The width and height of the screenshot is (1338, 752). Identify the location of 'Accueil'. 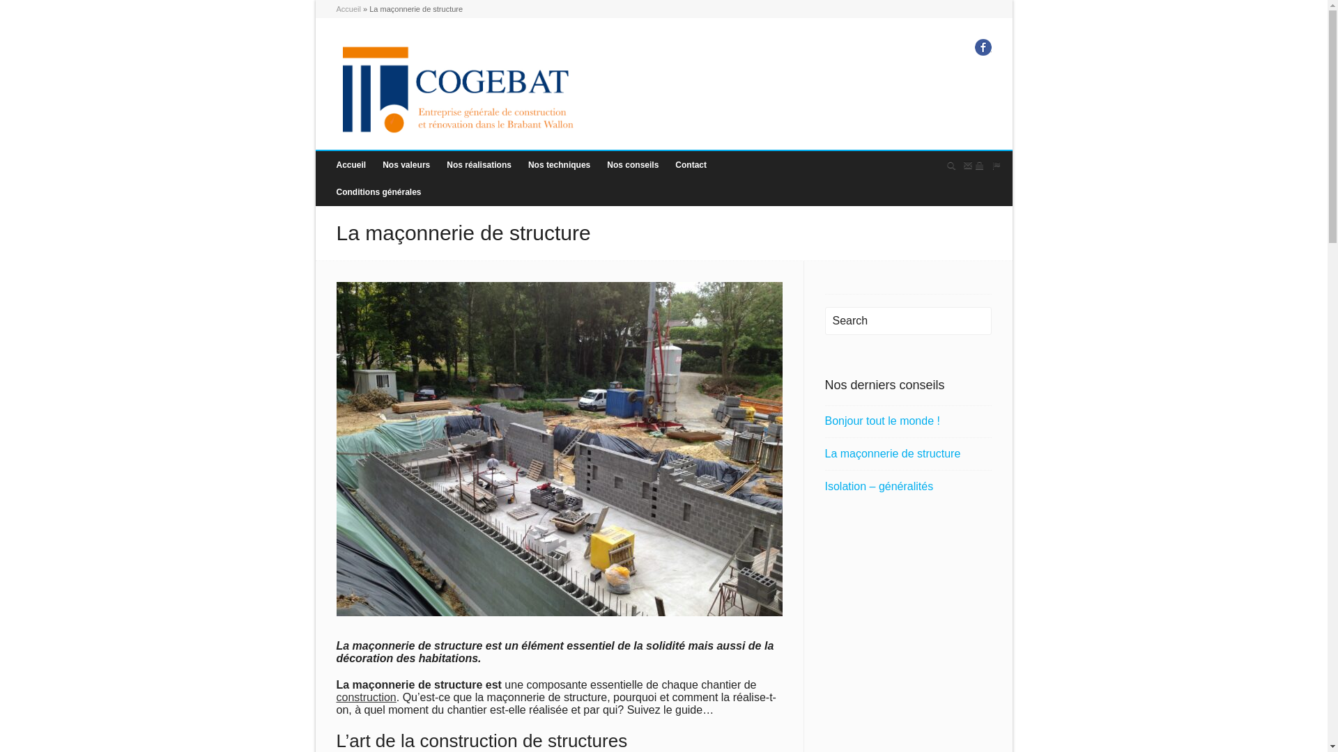
(351, 164).